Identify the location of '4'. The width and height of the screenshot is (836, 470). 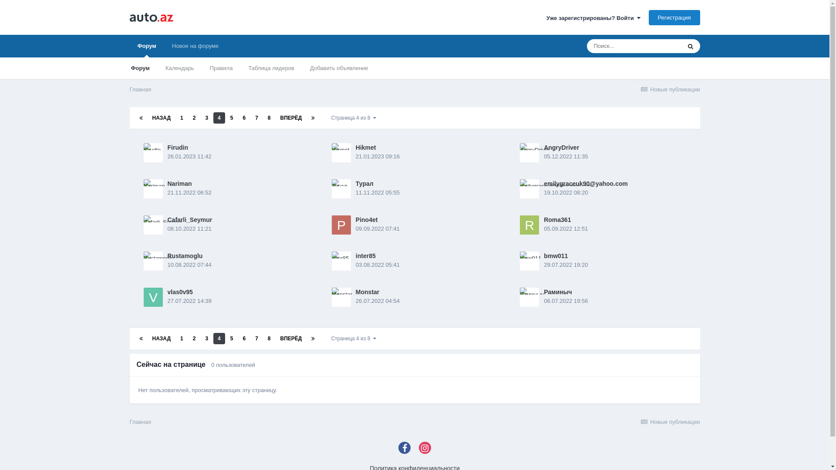
(219, 337).